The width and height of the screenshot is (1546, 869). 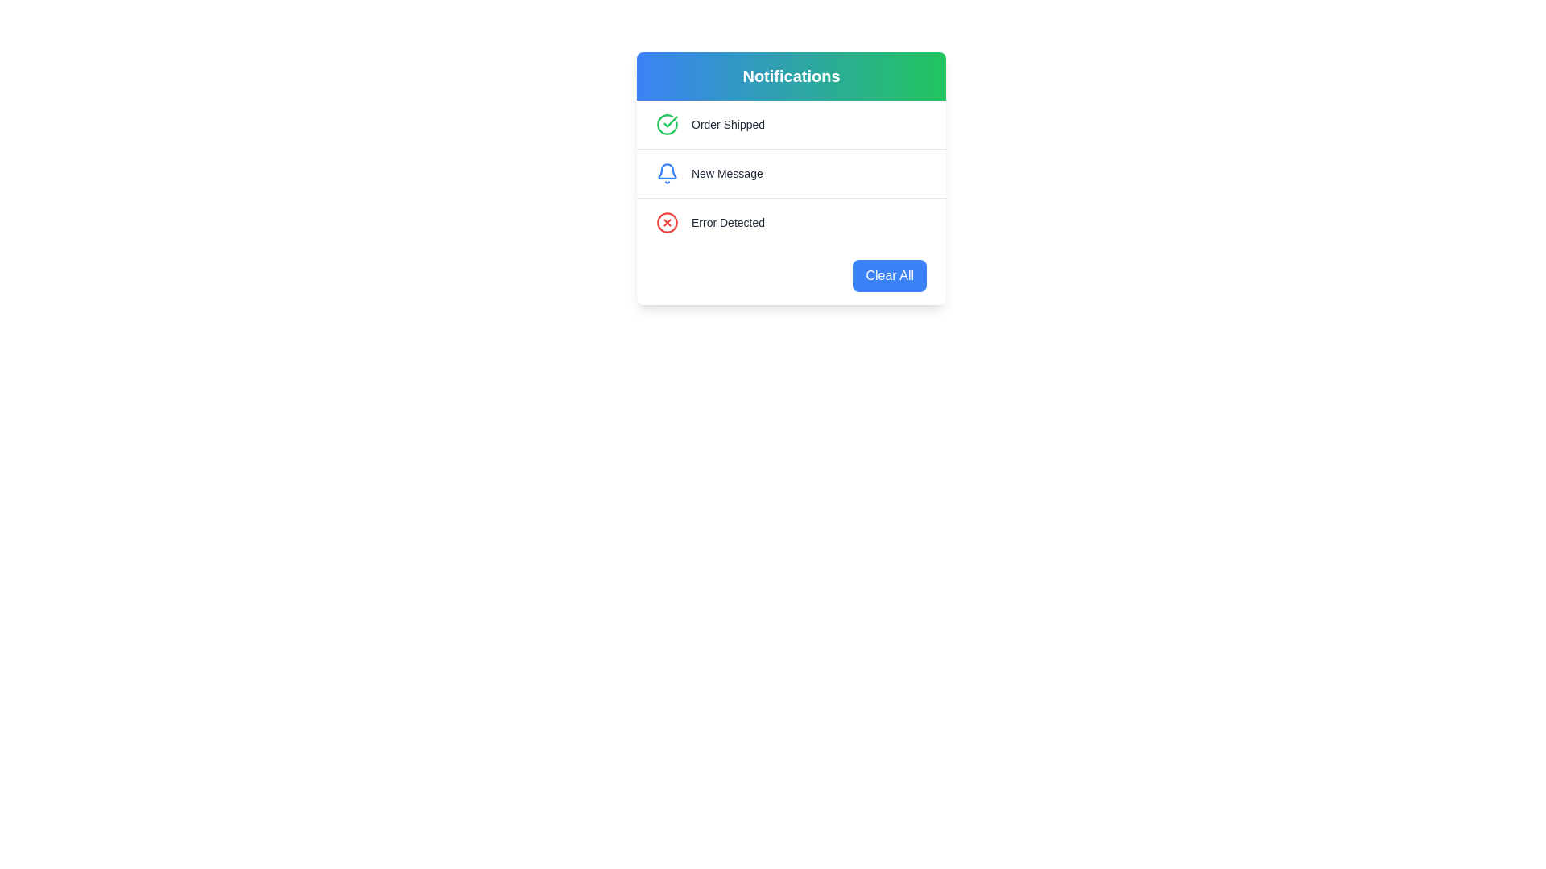 What do you see at coordinates (668, 174) in the screenshot?
I see `the blue bell-shaped icon located within the 'New Message' notification entry, which is positioned to the left of the text label 'New Message'` at bounding box center [668, 174].